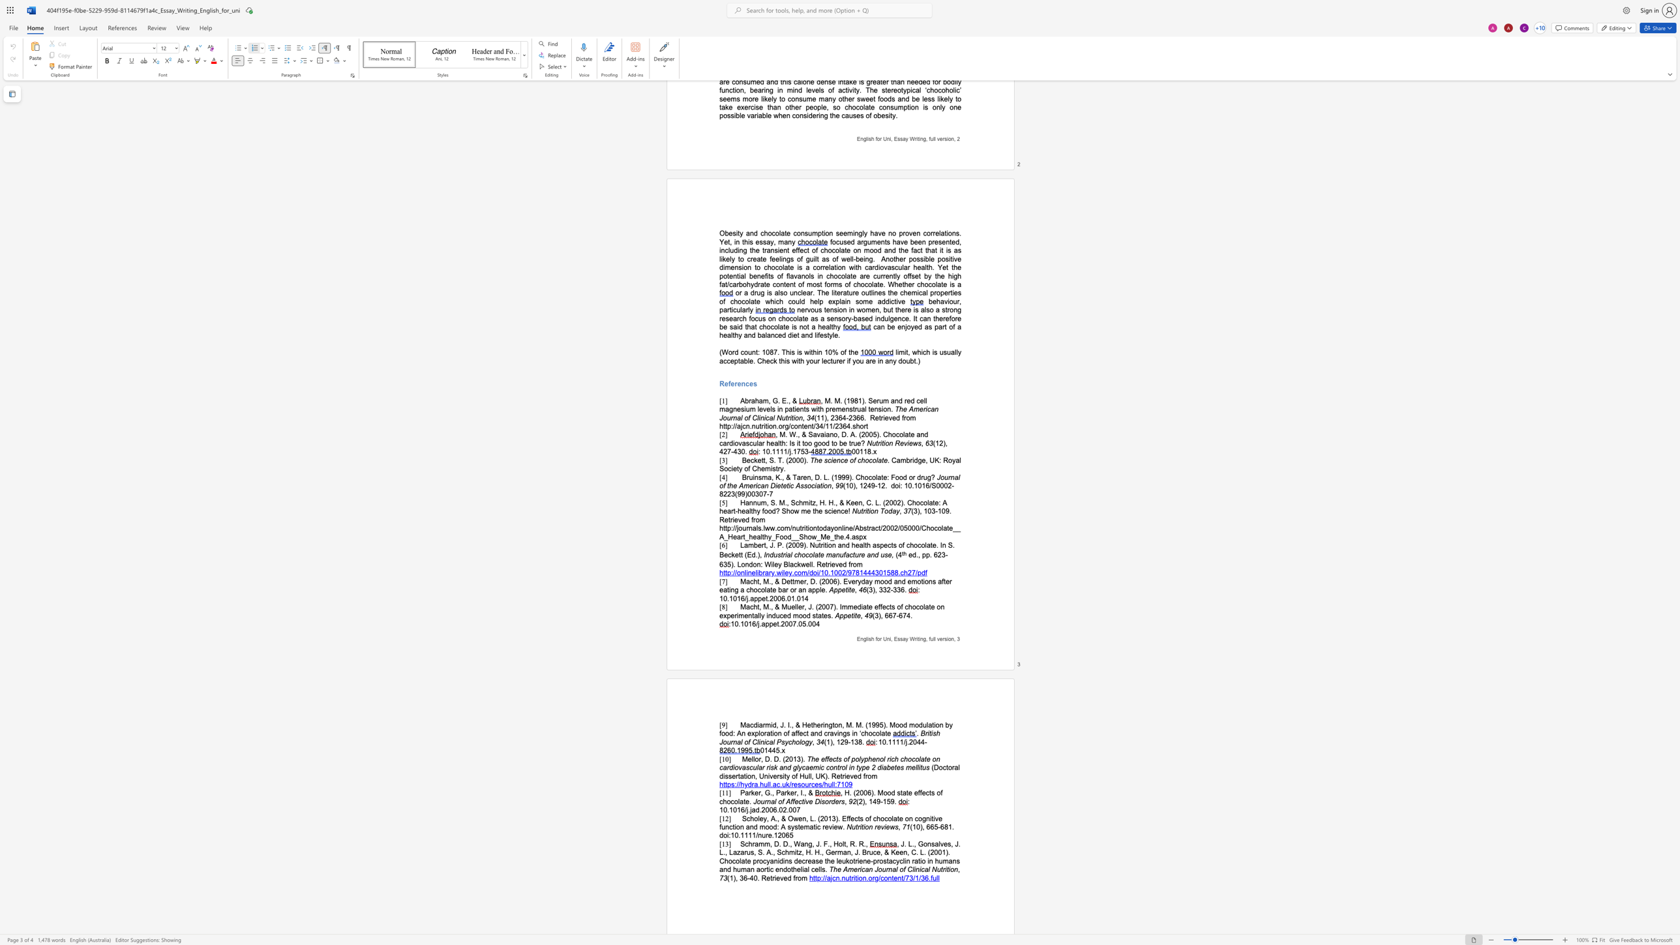 Image resolution: width=1680 pixels, height=945 pixels. I want to click on the space between the continuous character "r" and "s" in the text, so click(944, 638).